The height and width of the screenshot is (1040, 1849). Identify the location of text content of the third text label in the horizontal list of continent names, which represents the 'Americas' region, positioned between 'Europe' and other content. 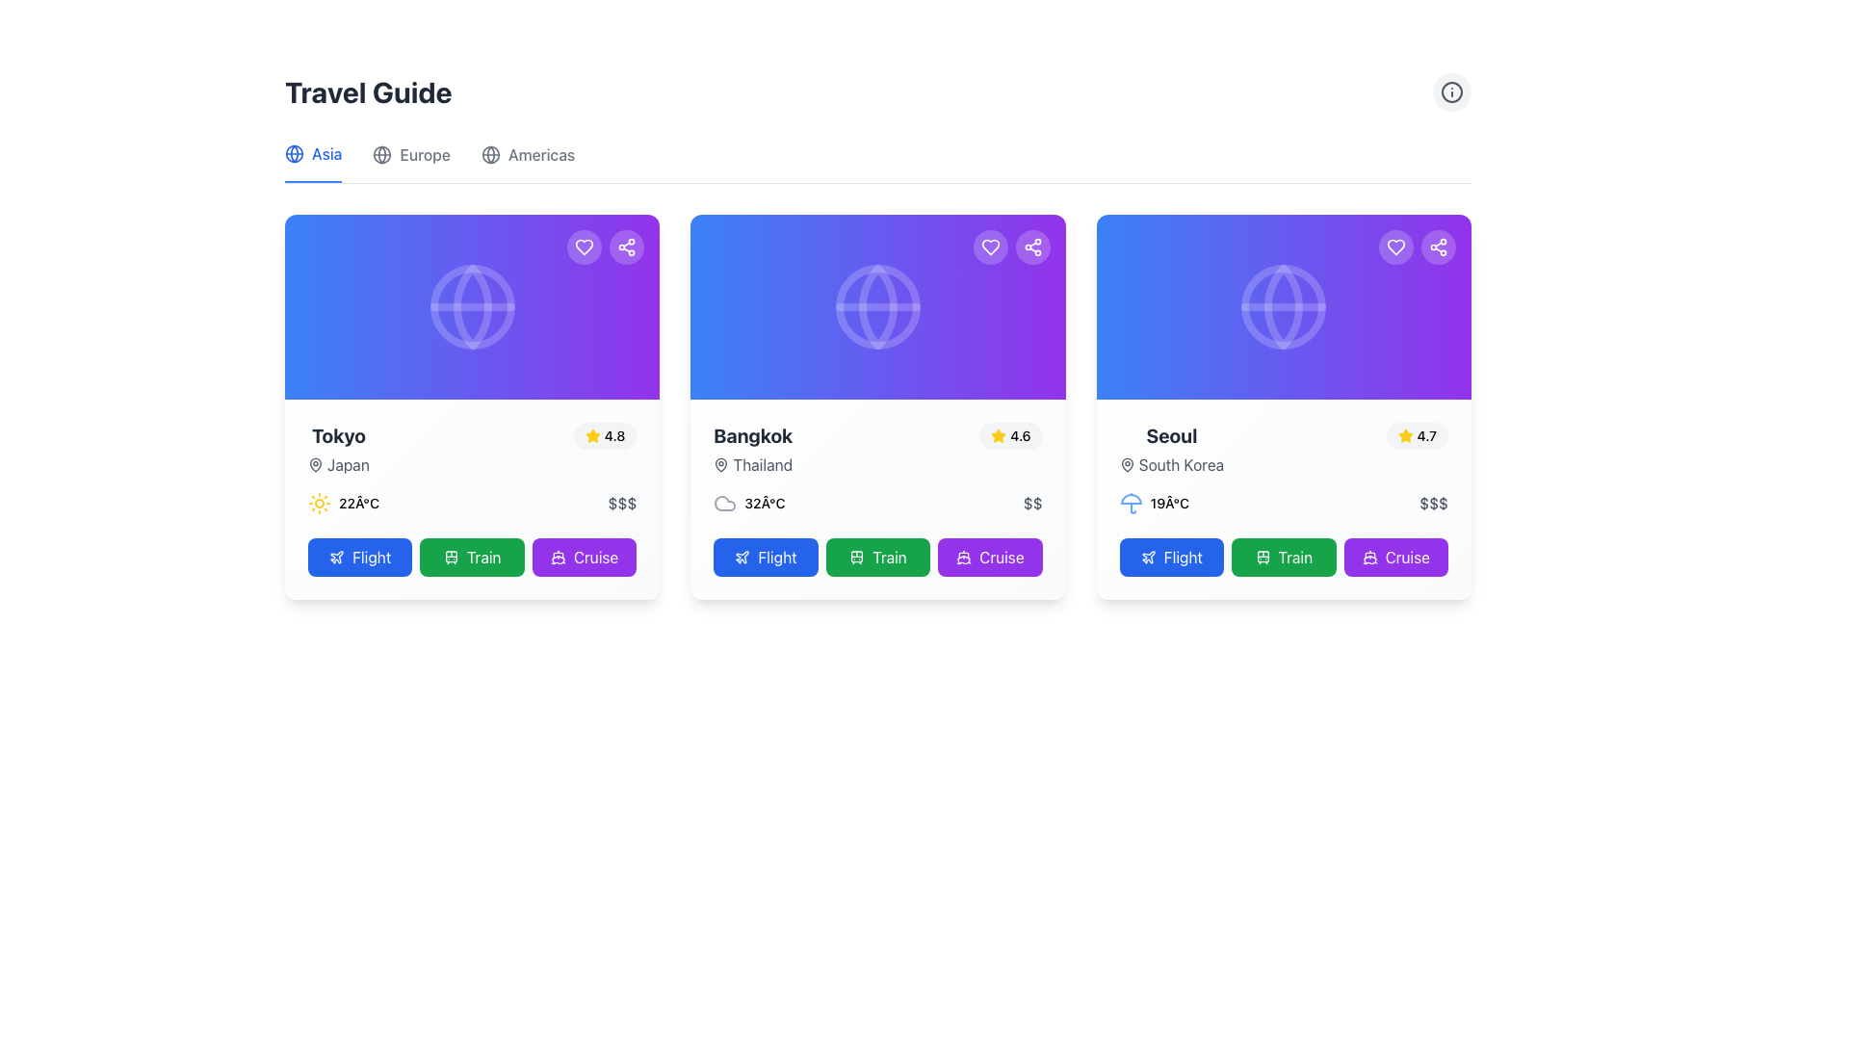
(540, 154).